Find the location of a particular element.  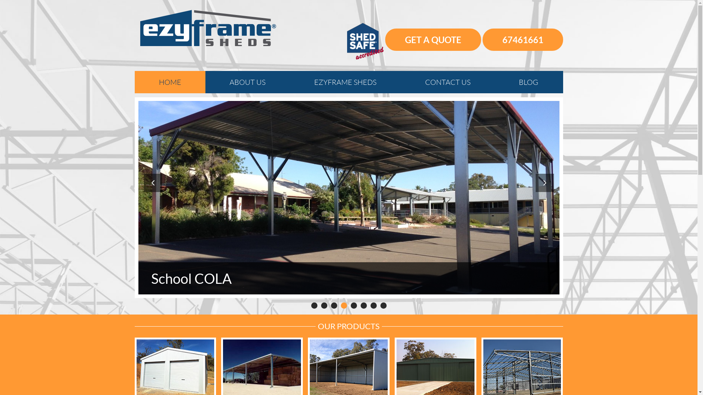

'8' is located at coordinates (383, 305).